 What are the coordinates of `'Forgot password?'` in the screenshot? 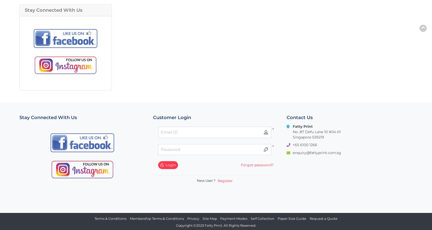 It's located at (241, 165).